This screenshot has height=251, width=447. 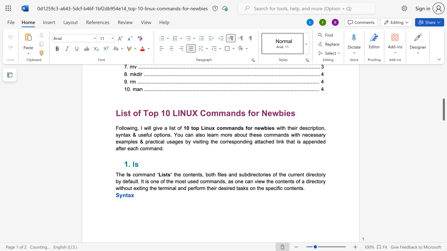 What do you see at coordinates (443, 118) in the screenshot?
I see `the vertical scrollbar to raise the page content` at bounding box center [443, 118].